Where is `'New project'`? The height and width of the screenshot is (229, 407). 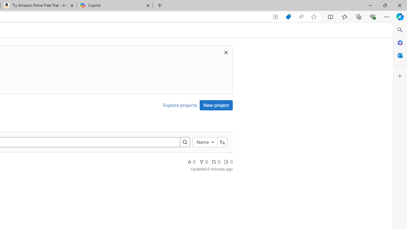 'New project' is located at coordinates (216, 105).